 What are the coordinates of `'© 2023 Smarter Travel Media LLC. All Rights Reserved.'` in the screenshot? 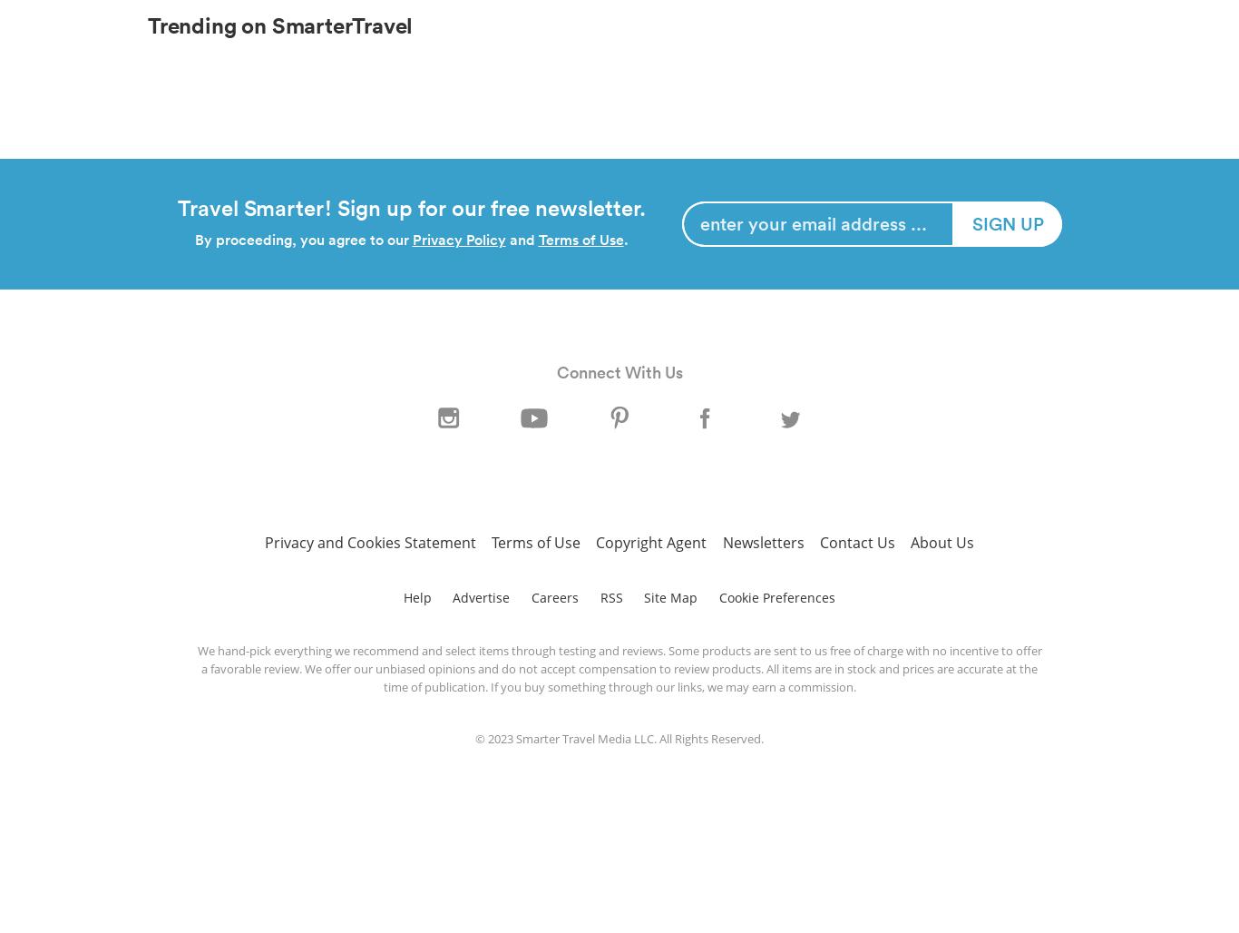 It's located at (619, 738).